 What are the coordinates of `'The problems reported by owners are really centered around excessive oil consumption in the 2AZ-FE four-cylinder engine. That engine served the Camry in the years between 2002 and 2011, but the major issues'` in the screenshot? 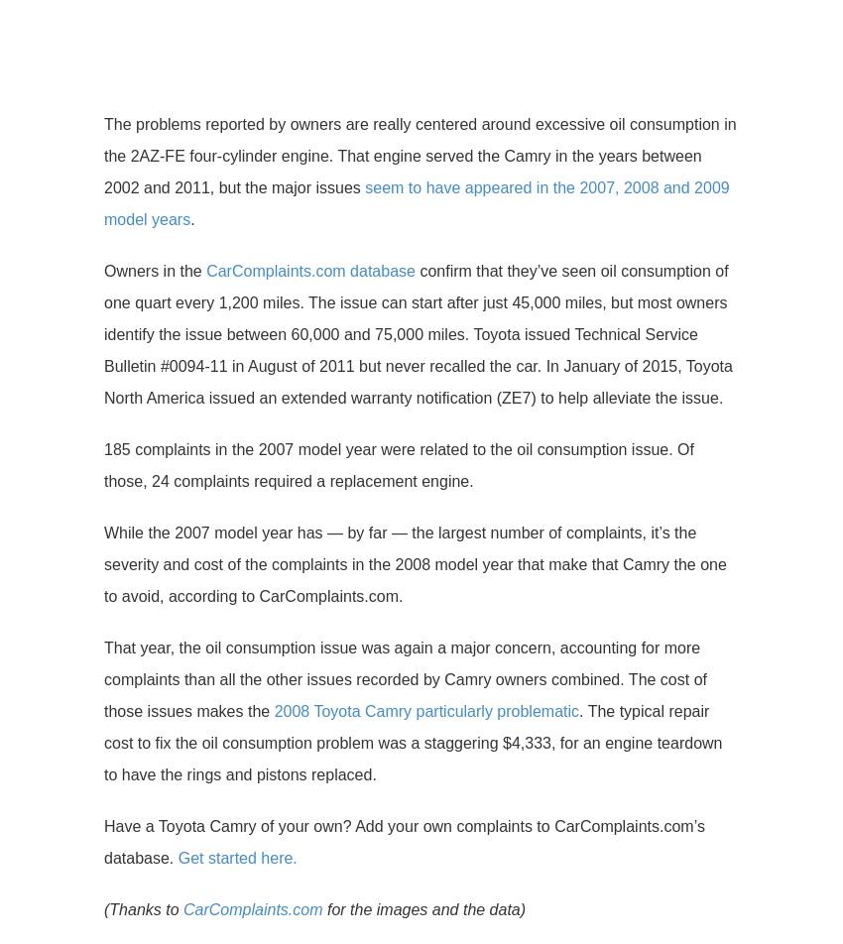 It's located at (102, 156).